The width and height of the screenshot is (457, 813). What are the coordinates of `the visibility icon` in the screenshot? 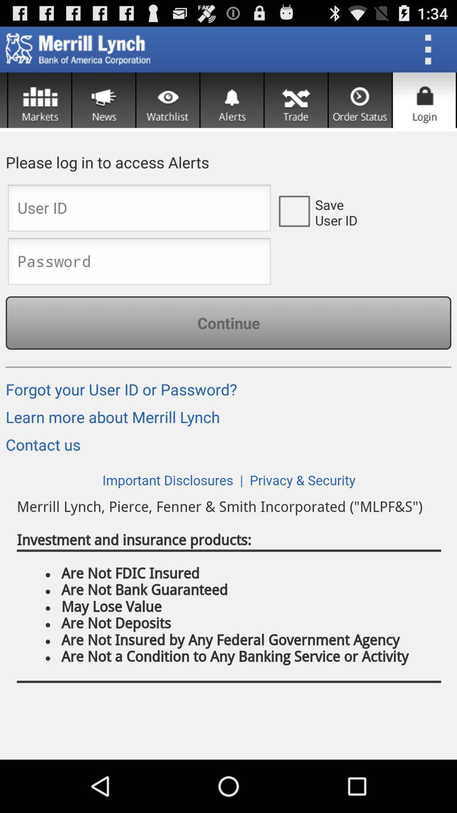 It's located at (168, 107).